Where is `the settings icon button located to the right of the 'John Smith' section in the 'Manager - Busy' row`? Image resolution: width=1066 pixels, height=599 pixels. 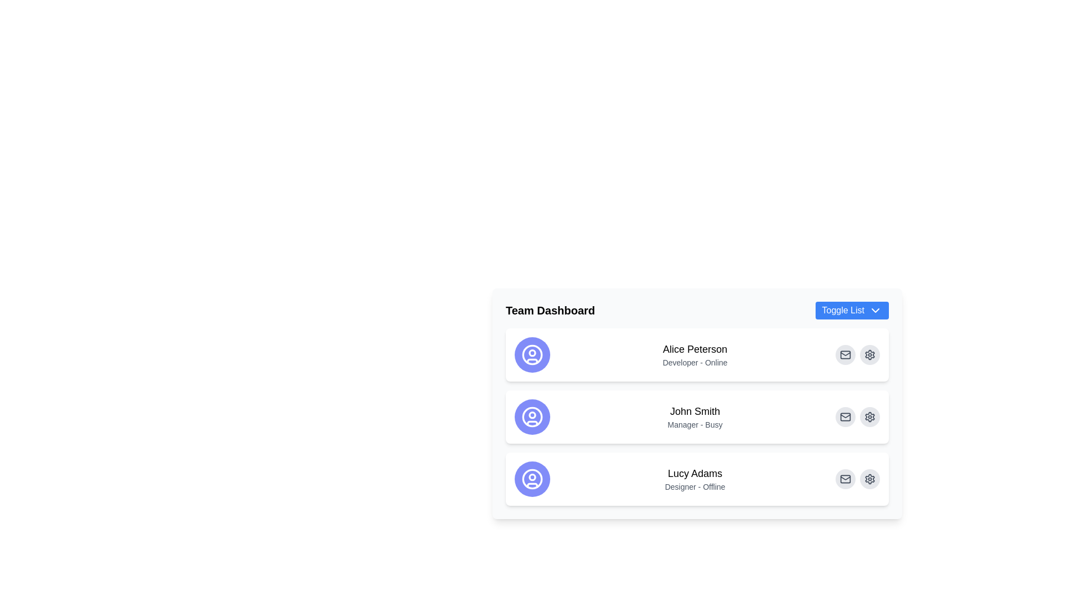 the settings icon button located to the right of the 'John Smith' section in the 'Manager - Busy' row is located at coordinates (869, 417).